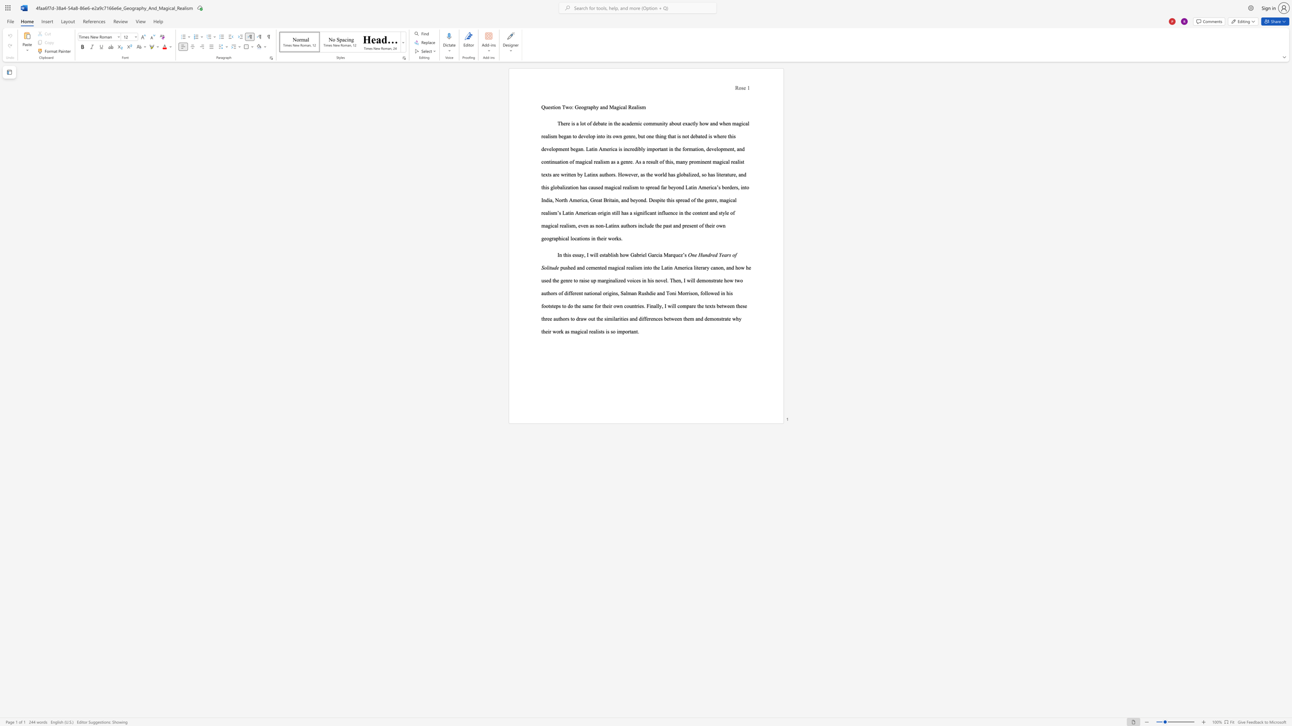 Image resolution: width=1292 pixels, height=726 pixels. What do you see at coordinates (706, 280) in the screenshot?
I see `the subset text "onstrate" within the text "demonstrate"` at bounding box center [706, 280].